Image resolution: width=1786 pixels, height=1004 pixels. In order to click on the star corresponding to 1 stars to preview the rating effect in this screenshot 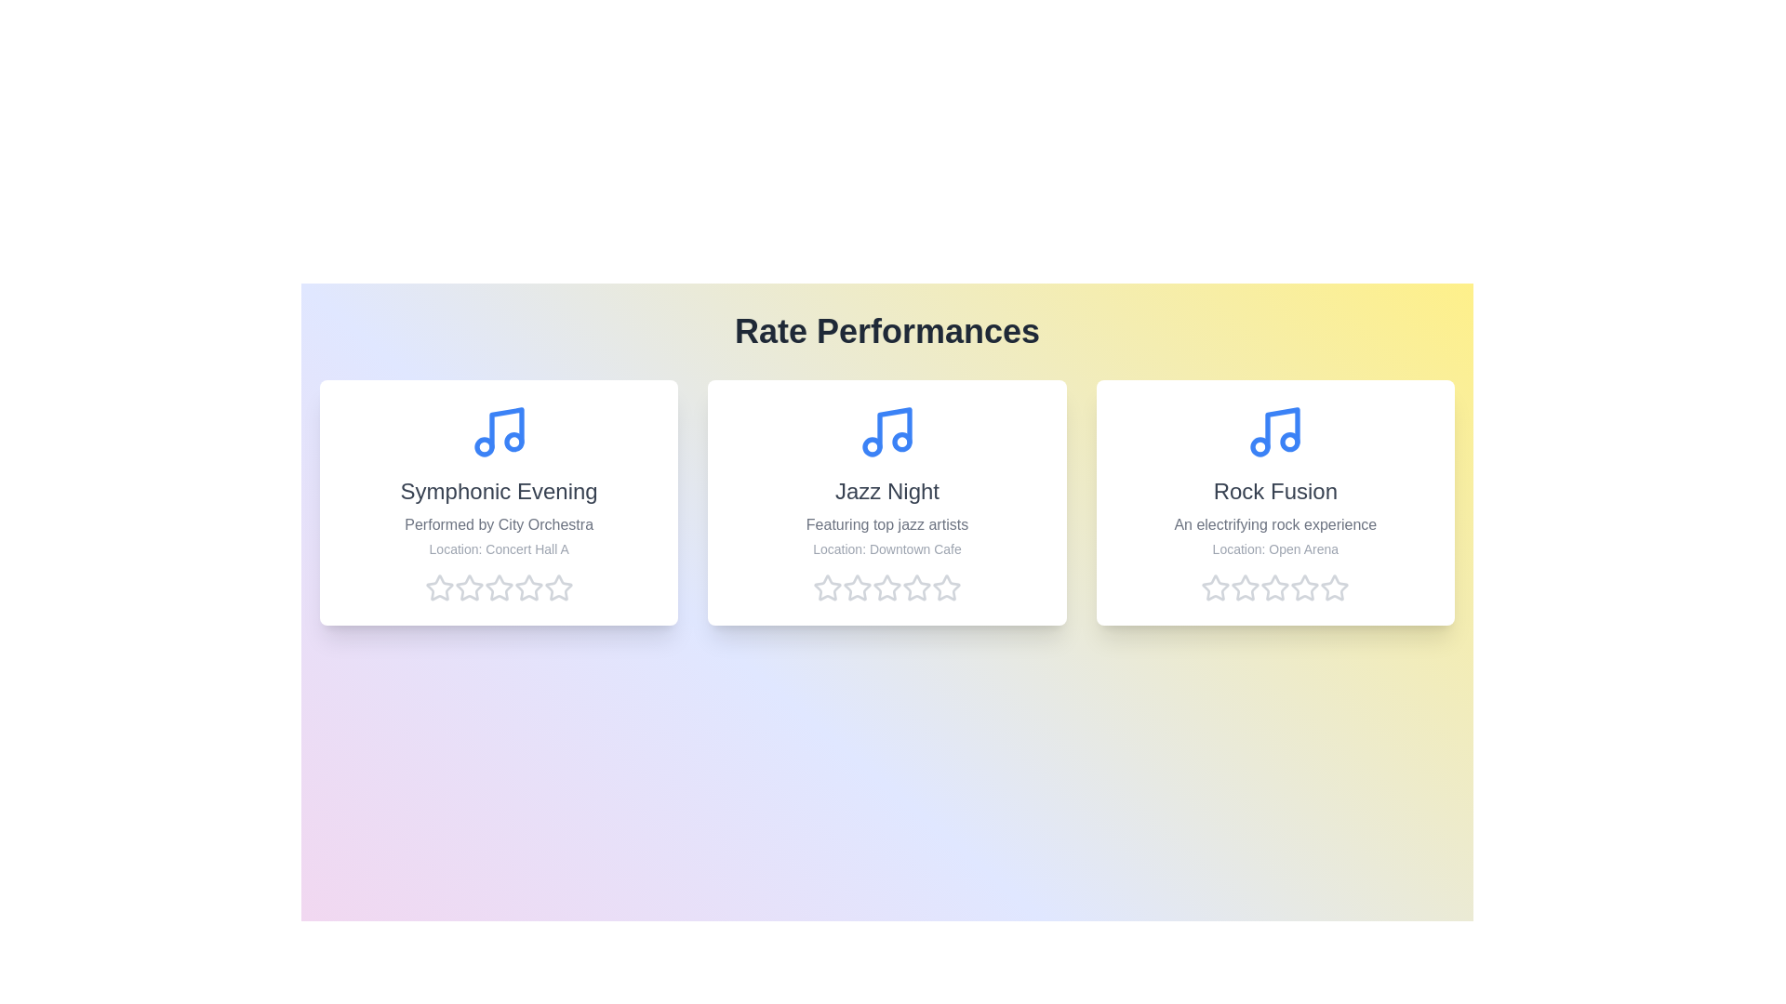, I will do `click(438, 588)`.